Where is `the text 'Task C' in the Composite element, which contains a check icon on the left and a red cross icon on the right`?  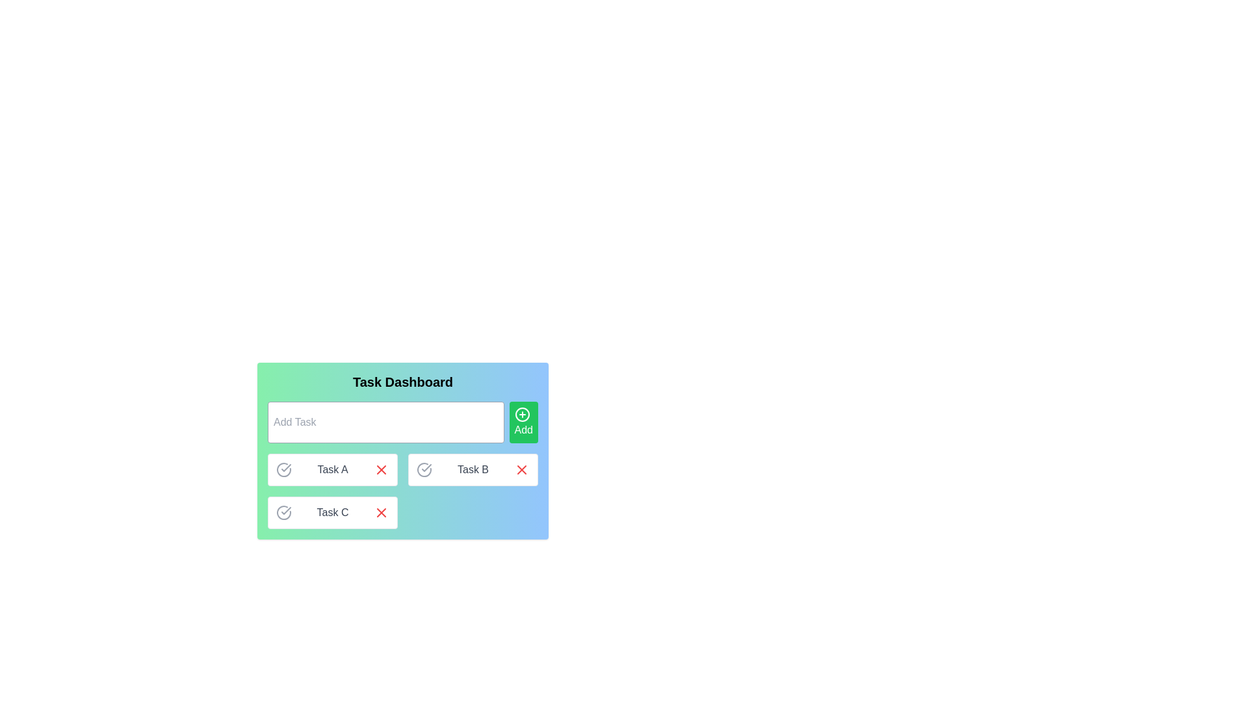 the text 'Task C' in the Composite element, which contains a check icon on the left and a red cross icon on the right is located at coordinates (333, 512).